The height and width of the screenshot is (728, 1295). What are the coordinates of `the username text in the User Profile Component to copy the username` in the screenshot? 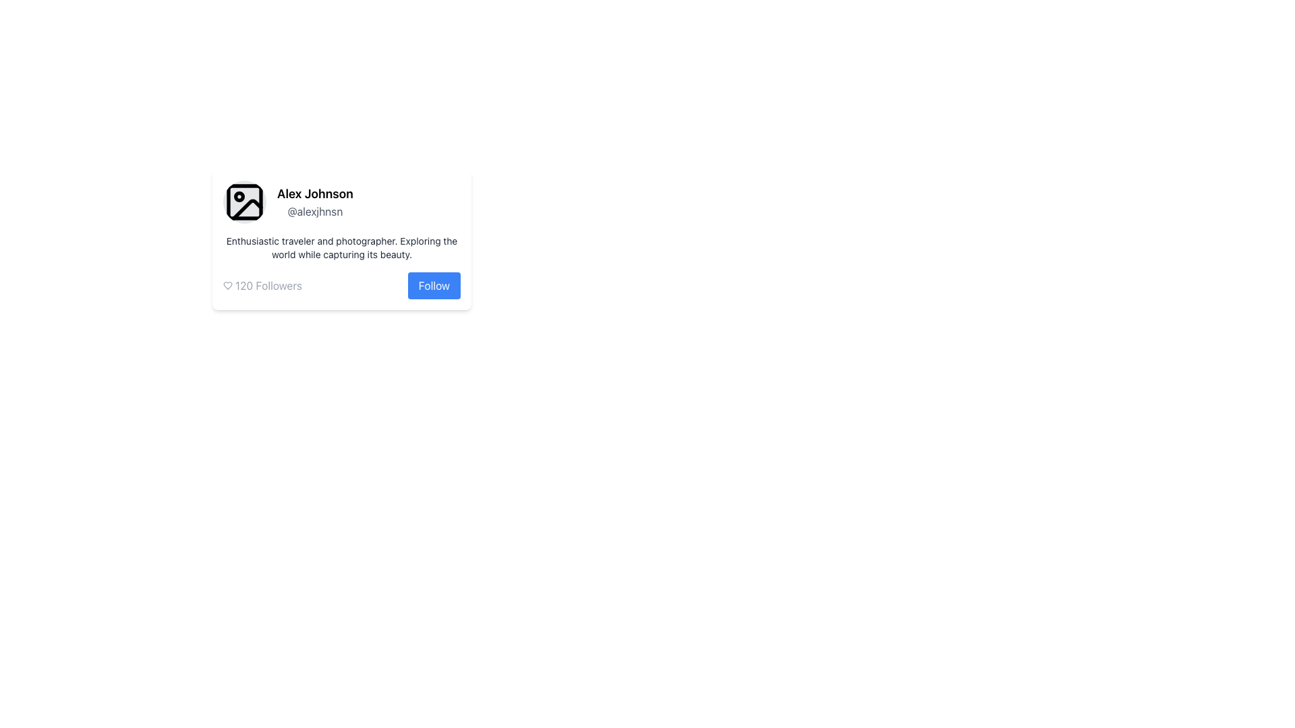 It's located at (342, 202).